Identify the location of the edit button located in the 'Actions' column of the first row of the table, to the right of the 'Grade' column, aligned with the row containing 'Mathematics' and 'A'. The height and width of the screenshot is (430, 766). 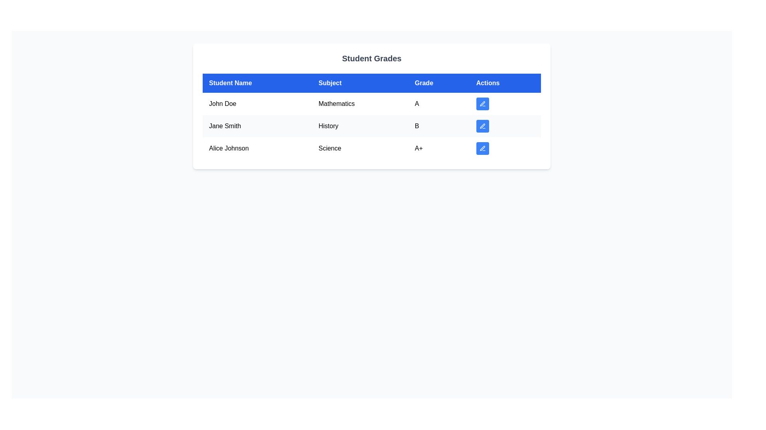
(482, 104).